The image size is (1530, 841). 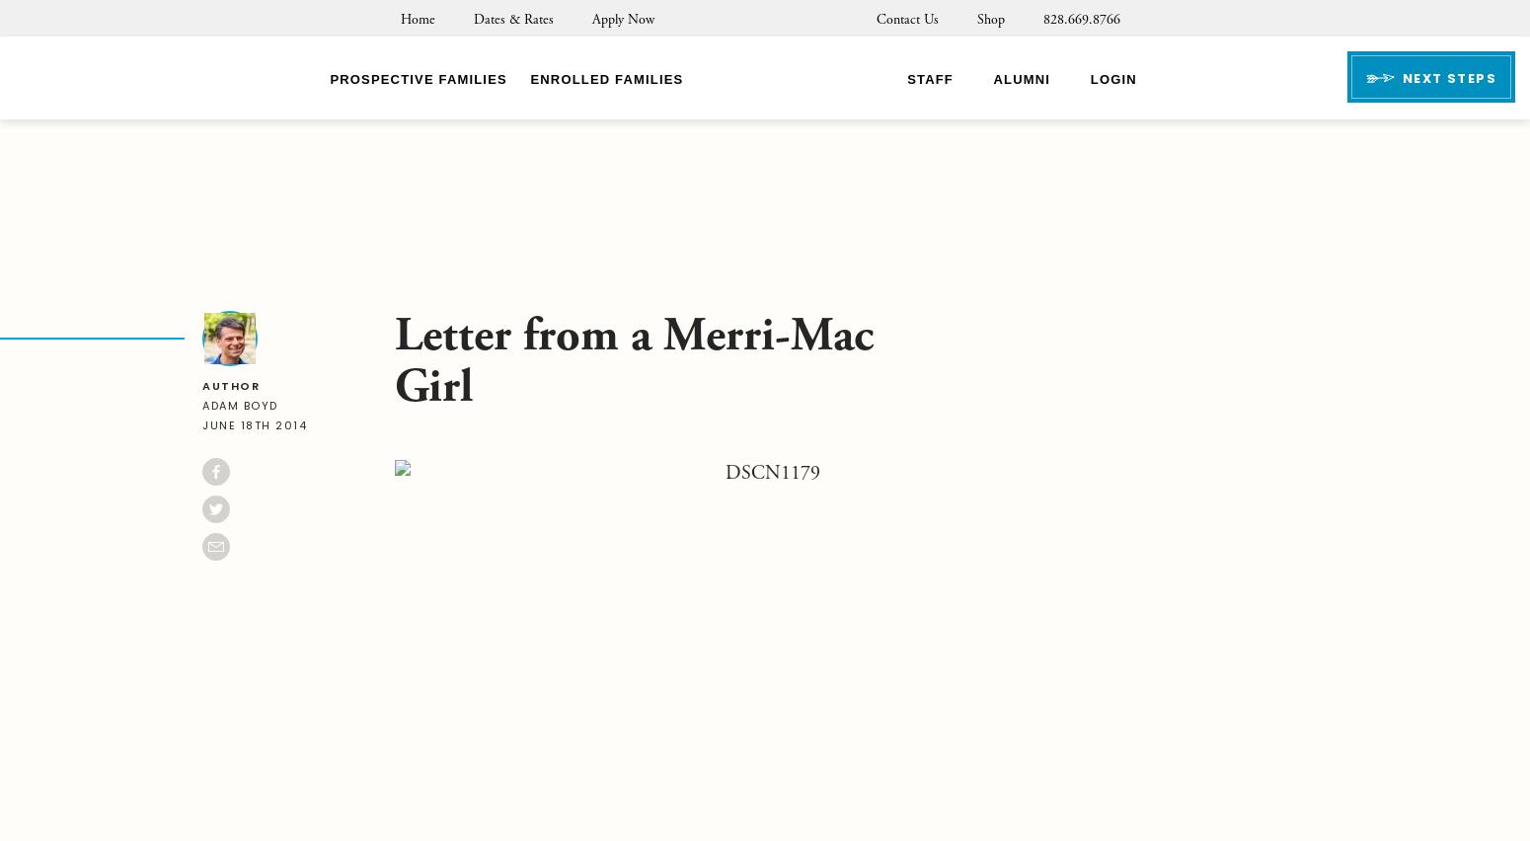 What do you see at coordinates (906, 19) in the screenshot?
I see `'Contact Us'` at bounding box center [906, 19].